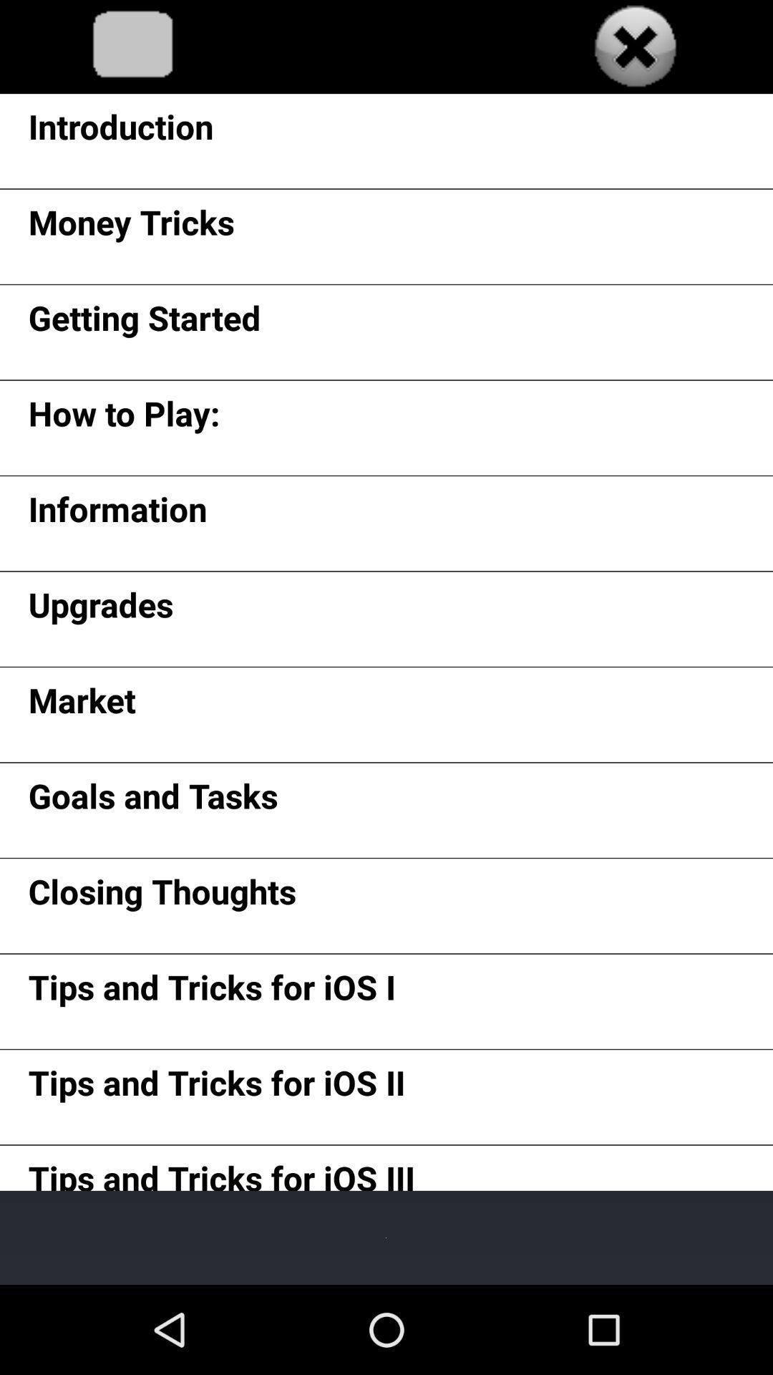  What do you see at coordinates (145, 322) in the screenshot?
I see `the item above how to play: app` at bounding box center [145, 322].